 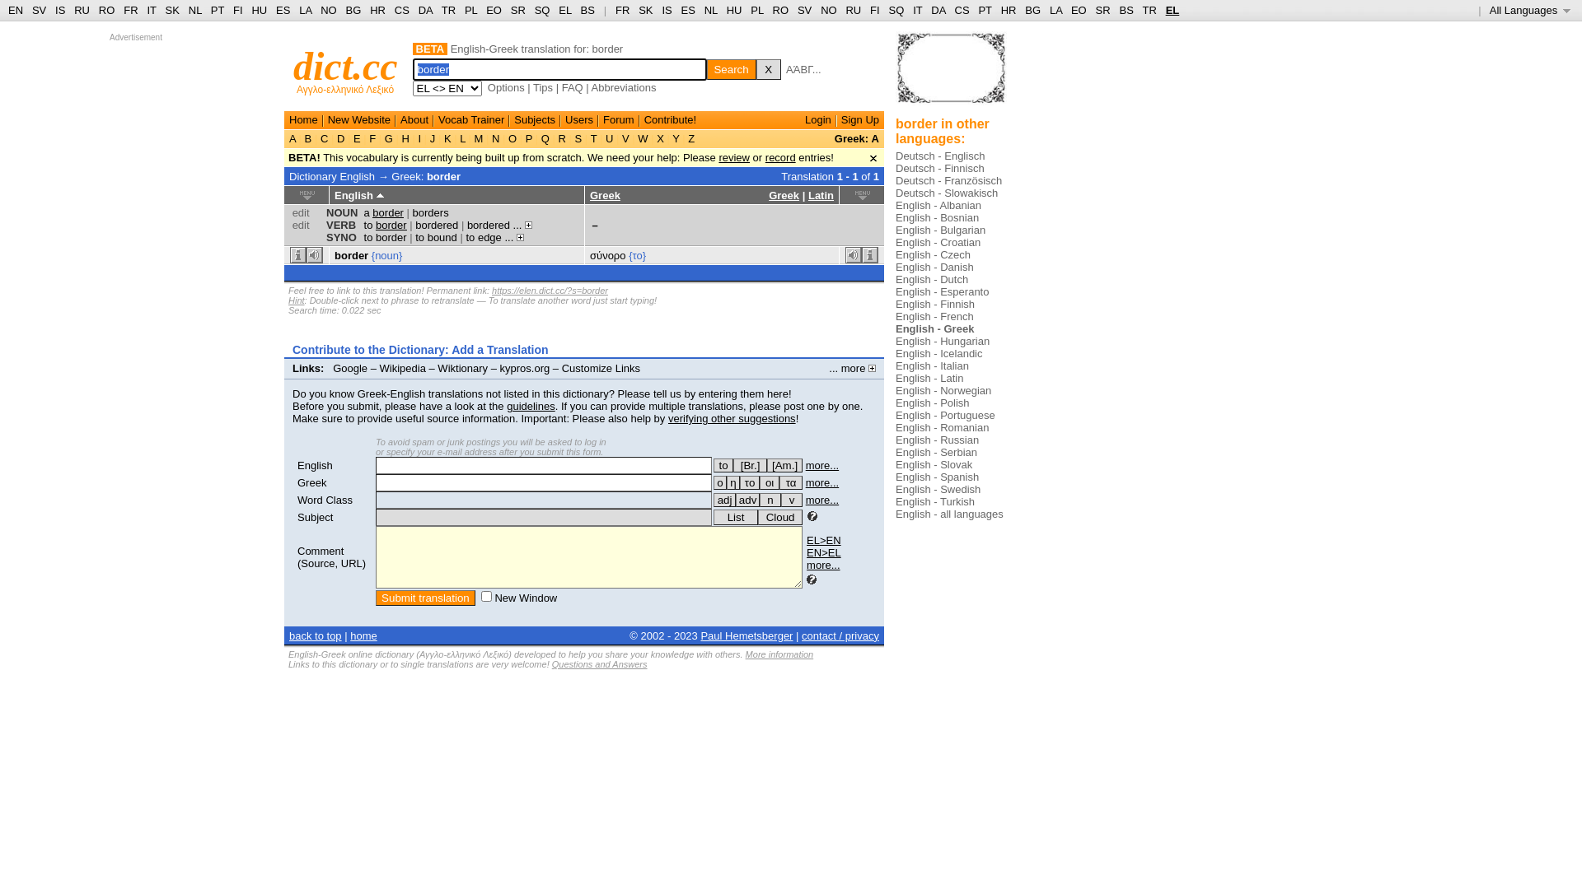 What do you see at coordinates (938, 204) in the screenshot?
I see `'English - Albanian'` at bounding box center [938, 204].